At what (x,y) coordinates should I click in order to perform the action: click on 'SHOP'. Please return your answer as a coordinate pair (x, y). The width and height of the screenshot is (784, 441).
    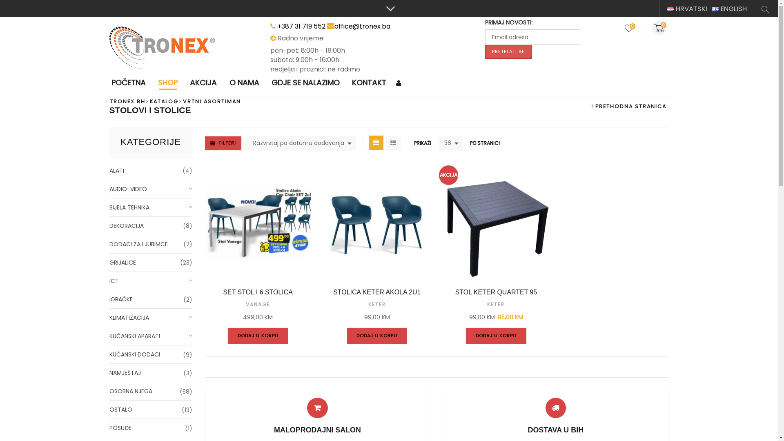
    Looking at the image, I should click on (156, 83).